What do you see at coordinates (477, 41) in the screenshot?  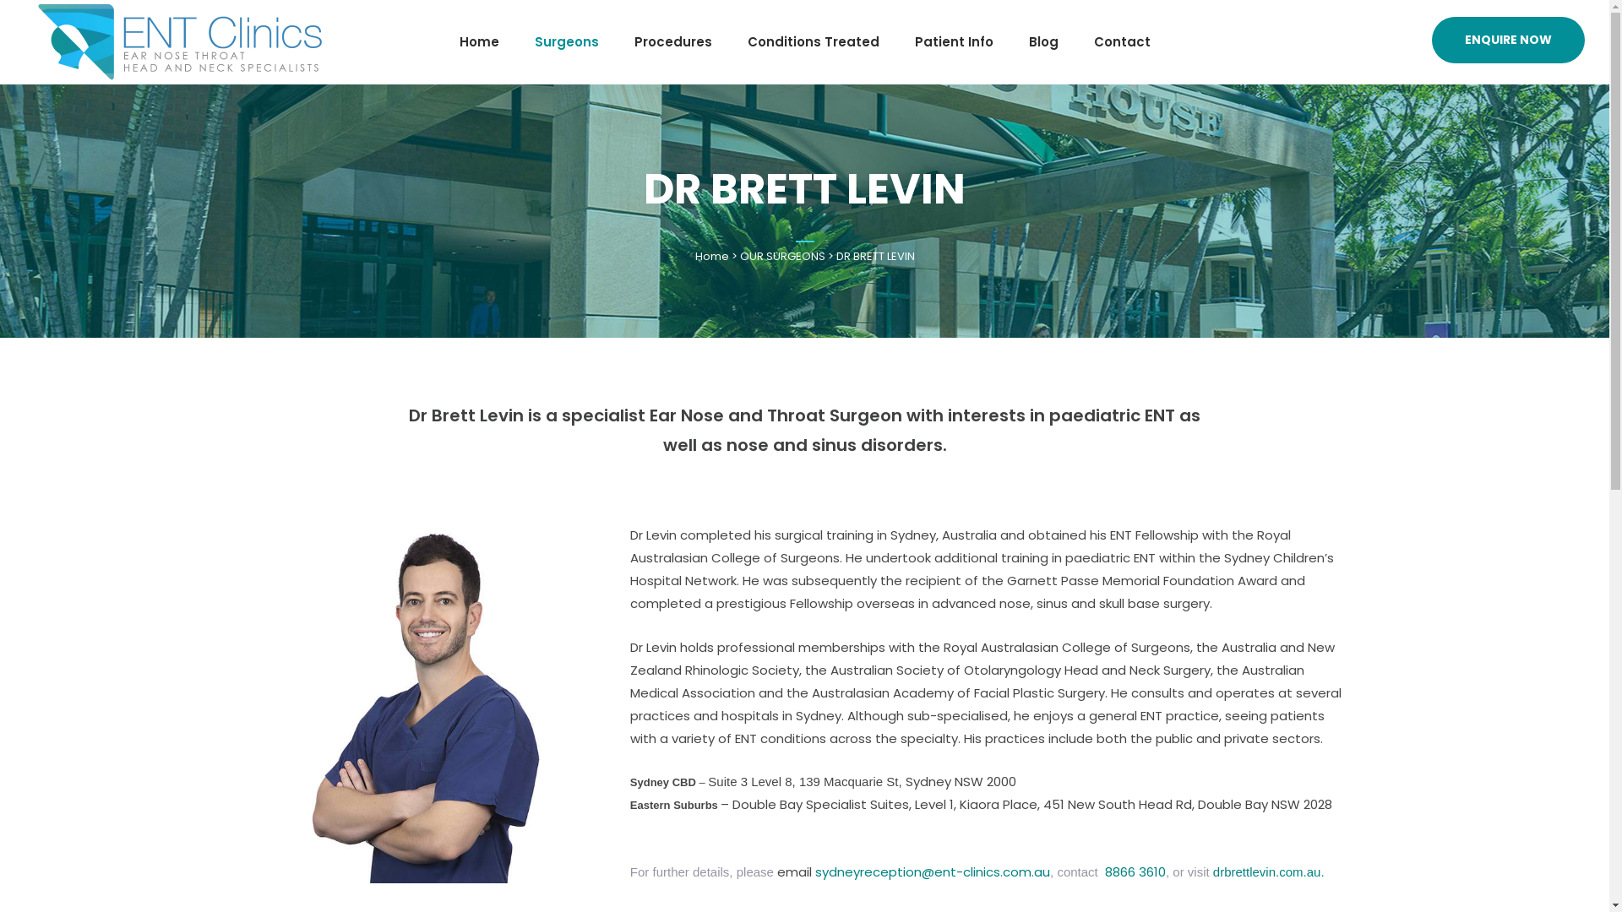 I see `'Home'` at bounding box center [477, 41].